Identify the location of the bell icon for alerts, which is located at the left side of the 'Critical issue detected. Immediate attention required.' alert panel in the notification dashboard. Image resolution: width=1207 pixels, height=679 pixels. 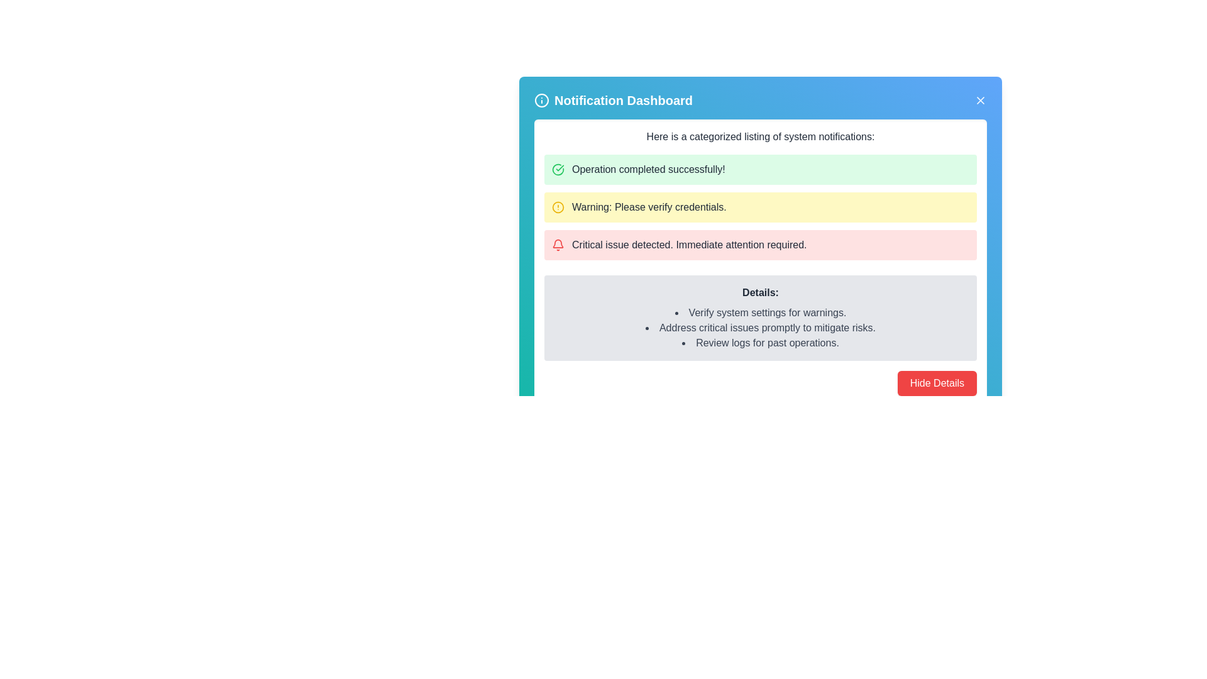
(558, 245).